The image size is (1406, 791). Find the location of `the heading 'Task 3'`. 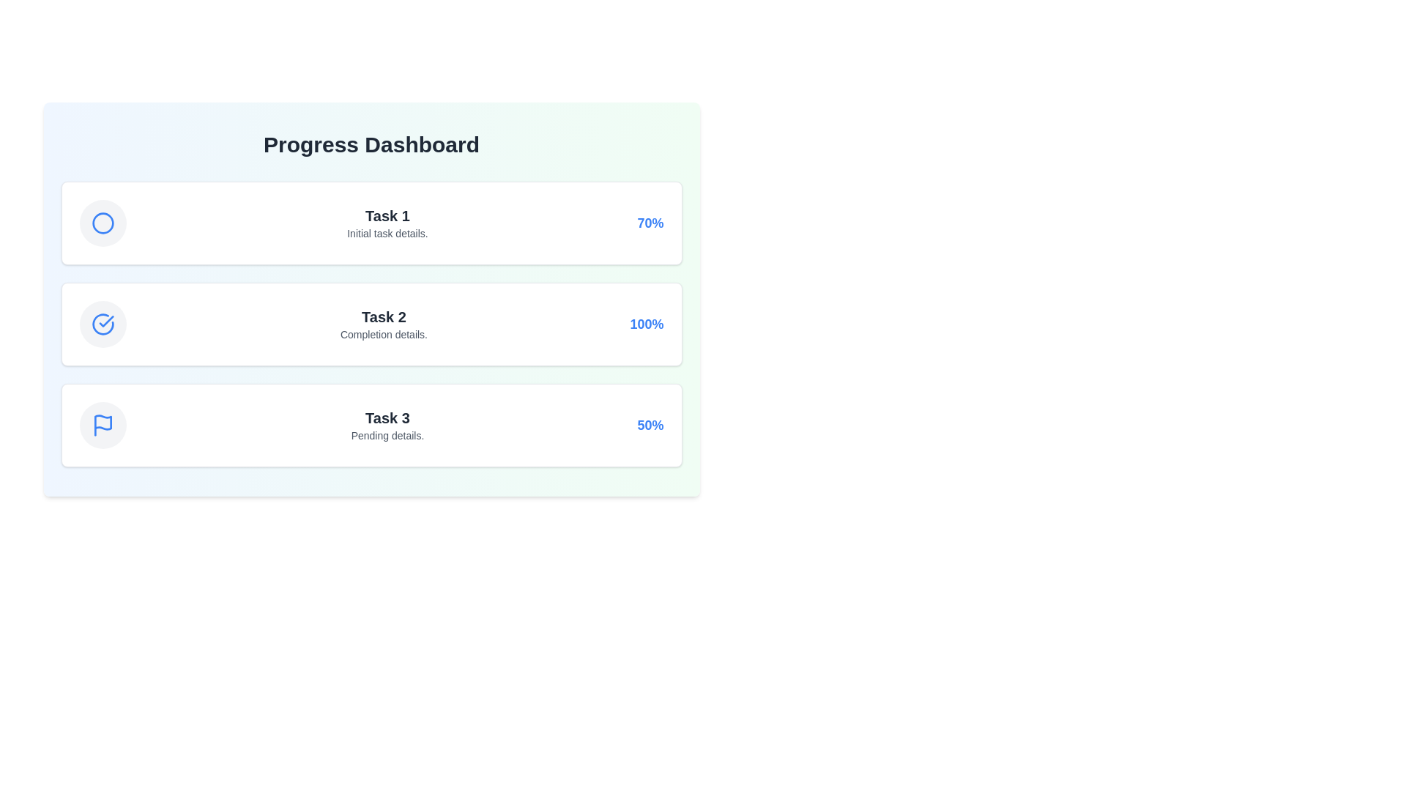

the heading 'Task 3' is located at coordinates (387, 417).